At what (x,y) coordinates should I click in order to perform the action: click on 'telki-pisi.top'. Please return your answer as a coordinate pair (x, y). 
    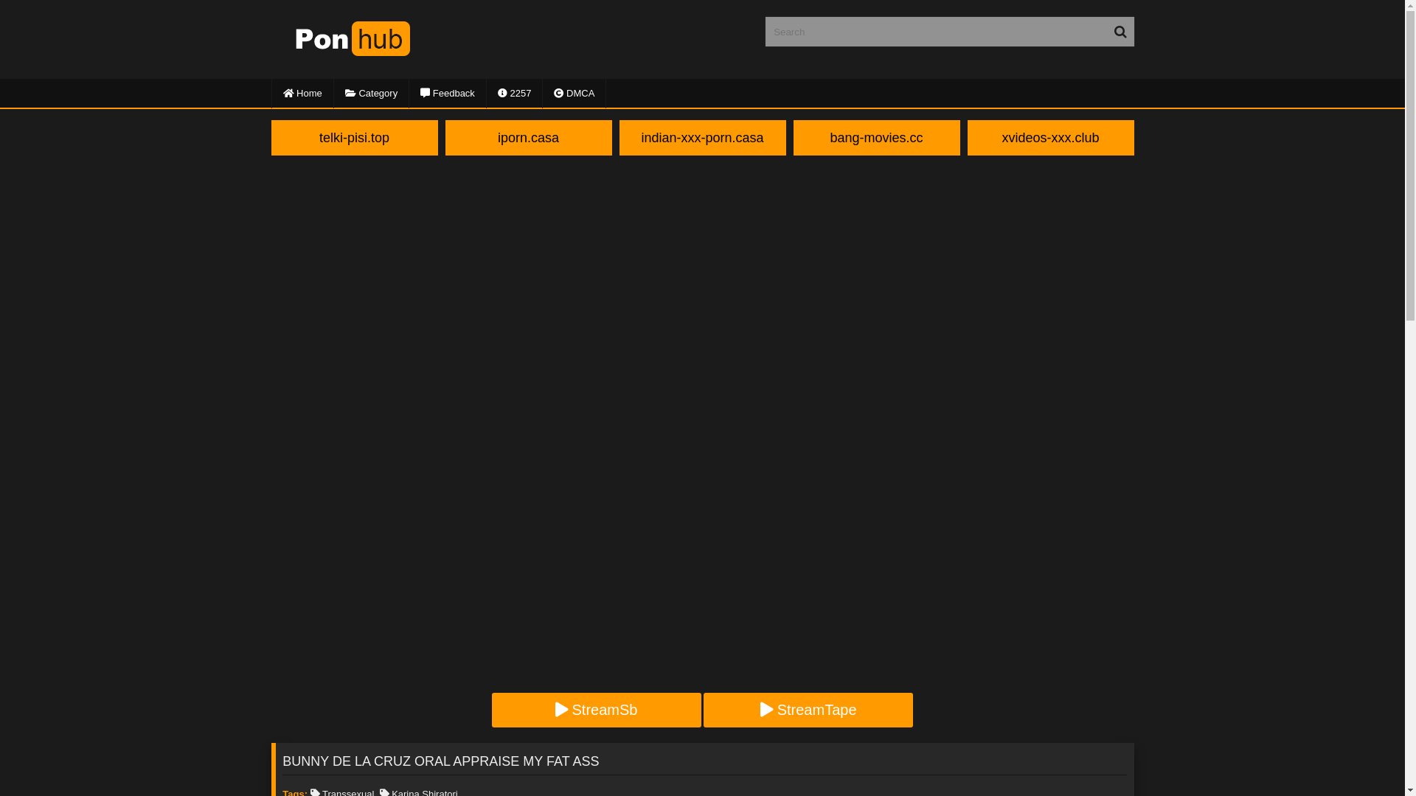
    Looking at the image, I should click on (354, 137).